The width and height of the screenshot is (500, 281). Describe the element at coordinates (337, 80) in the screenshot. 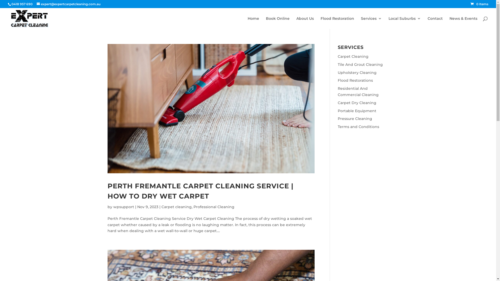

I see `'Flood Restorations'` at that location.